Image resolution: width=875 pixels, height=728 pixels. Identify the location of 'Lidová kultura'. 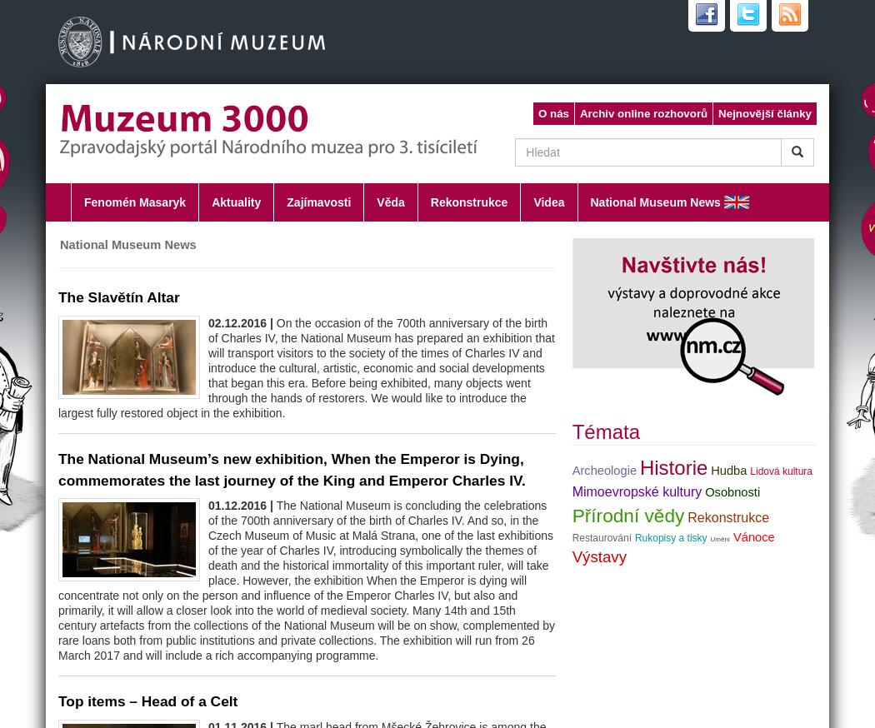
(781, 471).